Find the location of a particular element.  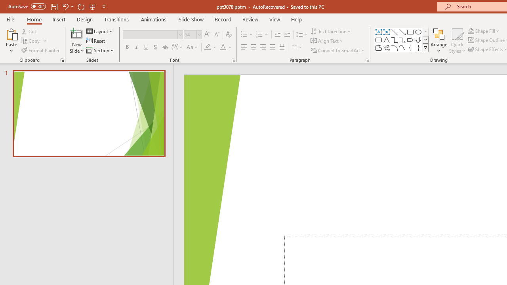

'Center' is located at coordinates (253, 47).